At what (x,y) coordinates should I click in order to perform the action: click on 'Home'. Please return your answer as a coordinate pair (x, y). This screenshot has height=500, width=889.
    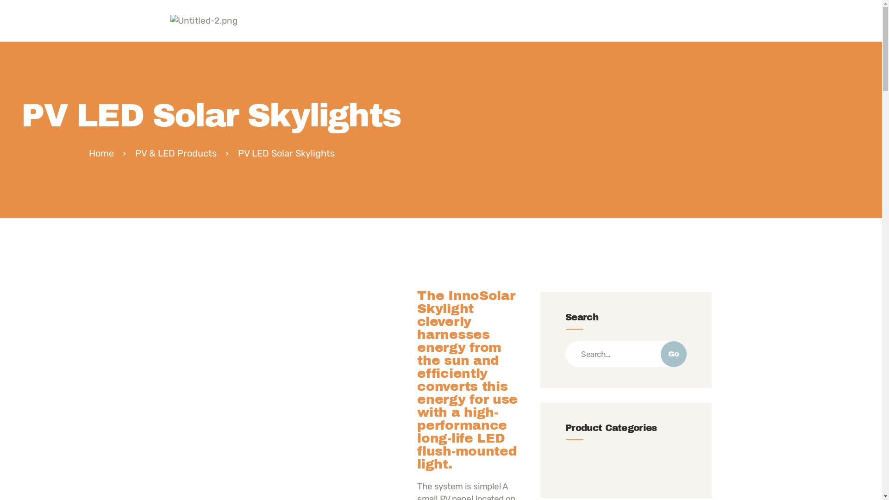
    Looking at the image, I should click on (101, 153).